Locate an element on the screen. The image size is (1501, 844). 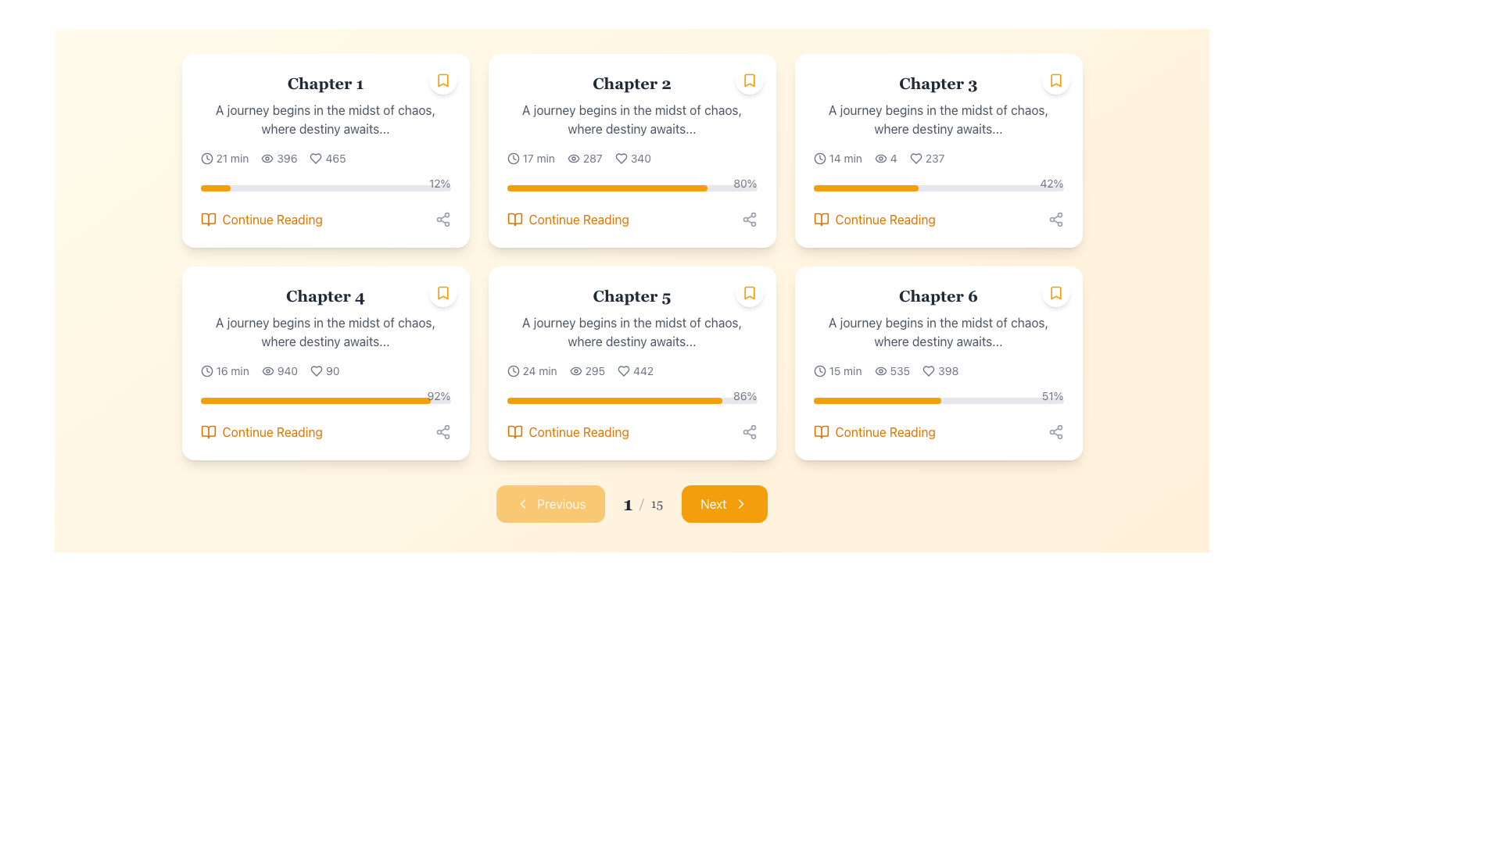
the heart-shaped icon button representing likes or favorites located is located at coordinates (915, 159).